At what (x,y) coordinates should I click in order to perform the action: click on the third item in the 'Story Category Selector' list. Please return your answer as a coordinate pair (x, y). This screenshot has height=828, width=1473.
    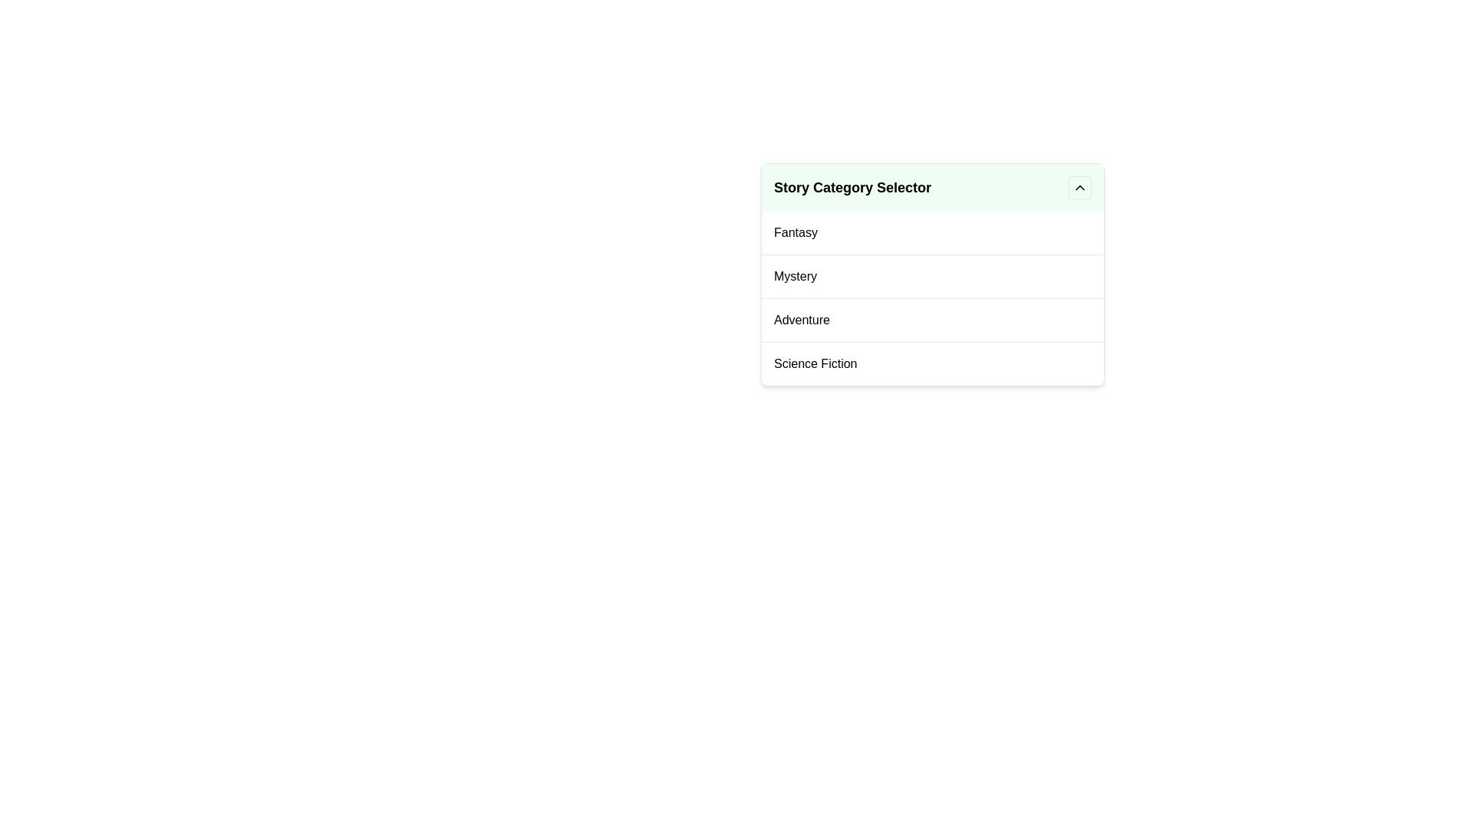
    Looking at the image, I should click on (931, 319).